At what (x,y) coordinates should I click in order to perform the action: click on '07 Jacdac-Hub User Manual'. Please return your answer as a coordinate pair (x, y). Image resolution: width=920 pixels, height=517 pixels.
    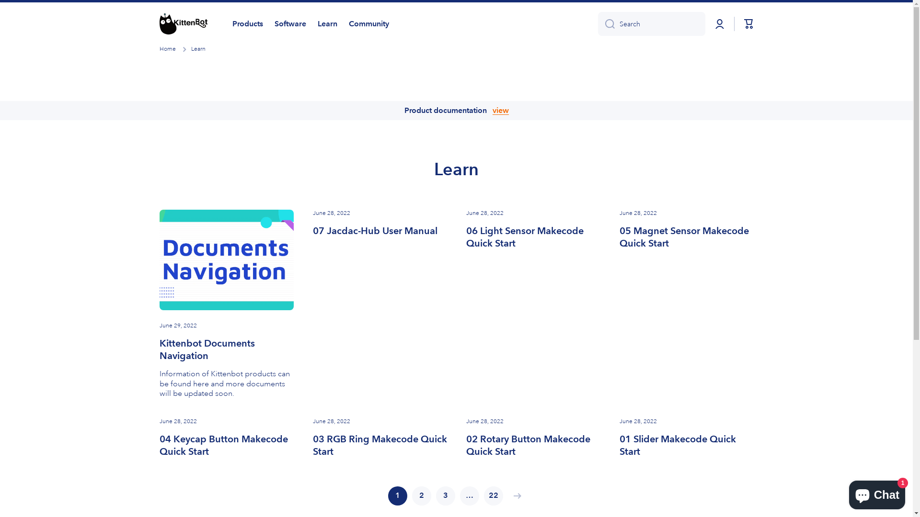
    Looking at the image, I should click on (312, 231).